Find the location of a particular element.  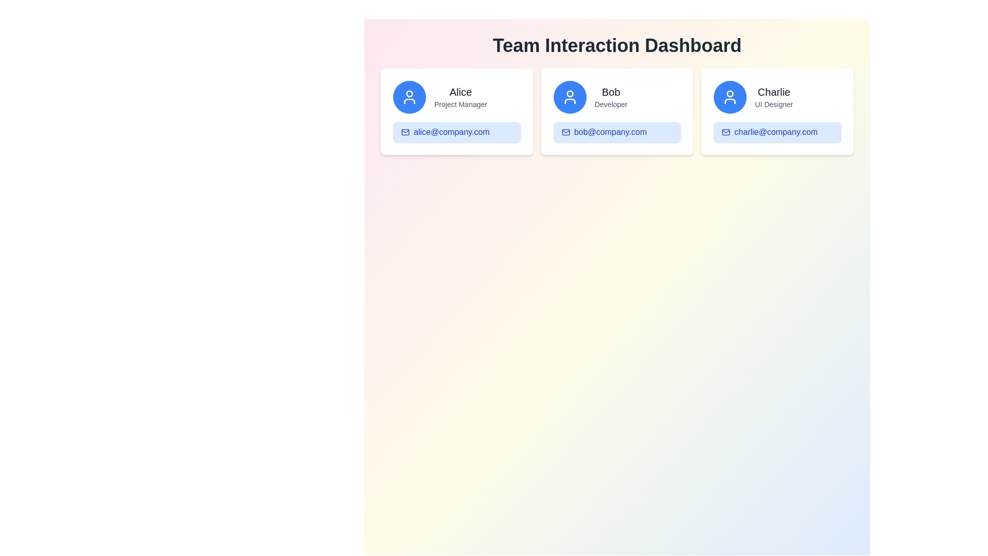

the composite informational element displaying details about the team member 'Alice' is located at coordinates (456, 97).